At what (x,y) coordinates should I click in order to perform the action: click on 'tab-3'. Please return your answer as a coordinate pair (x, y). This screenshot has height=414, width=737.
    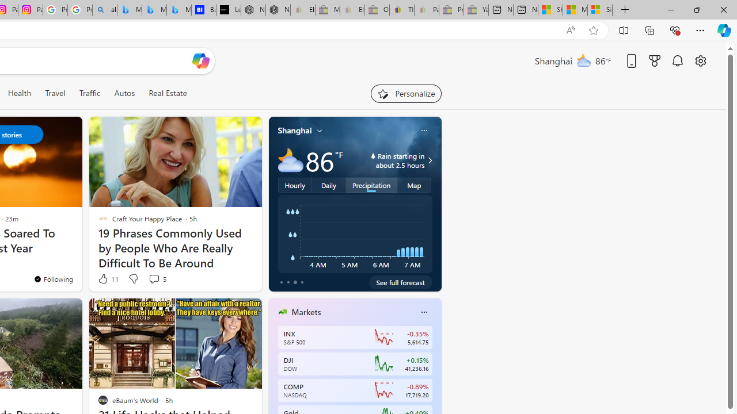
    Looking at the image, I should click on (302, 282).